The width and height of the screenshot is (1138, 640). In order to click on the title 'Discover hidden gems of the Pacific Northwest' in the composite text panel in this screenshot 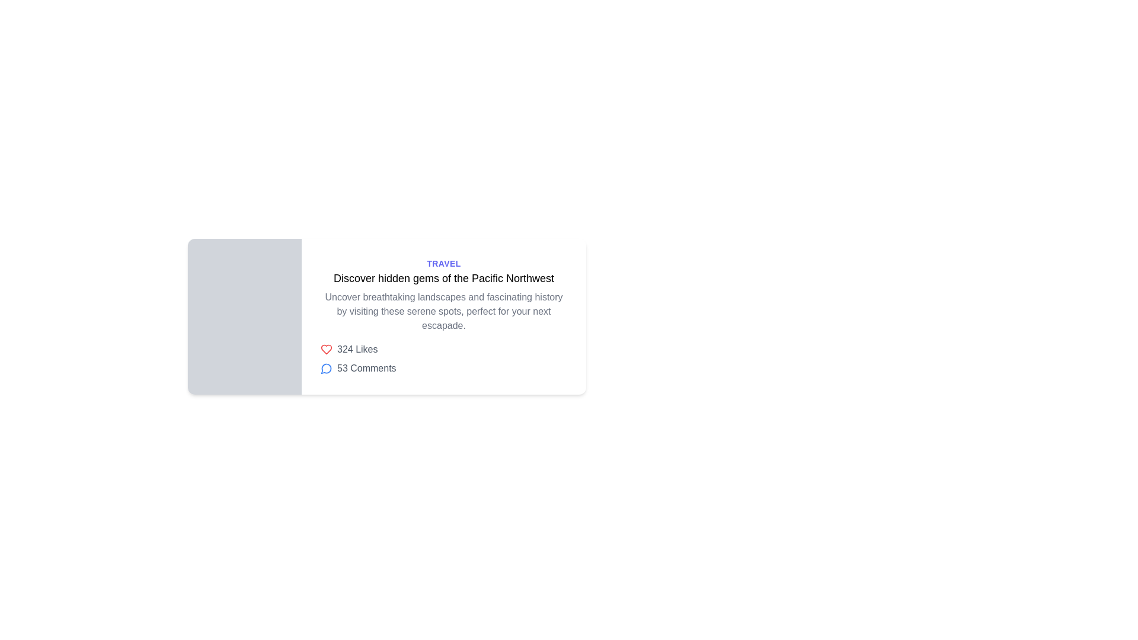, I will do `click(443, 315)`.